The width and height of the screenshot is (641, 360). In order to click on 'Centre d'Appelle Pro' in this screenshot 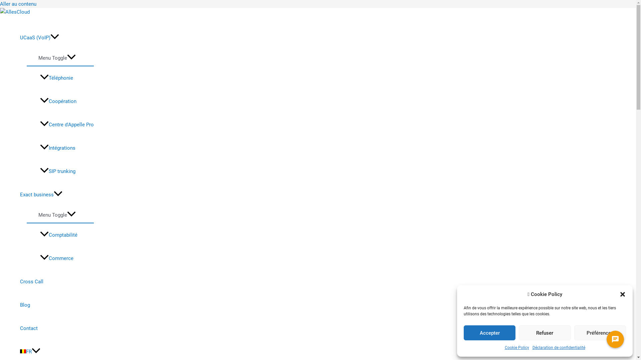, I will do `click(67, 125)`.